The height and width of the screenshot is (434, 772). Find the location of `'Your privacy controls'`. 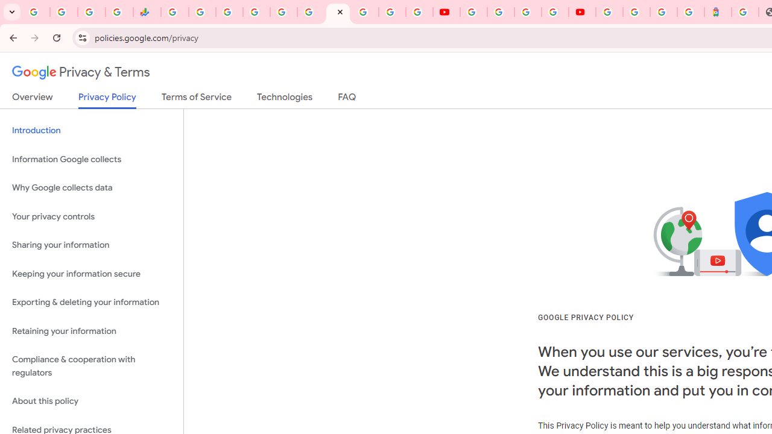

'Your privacy controls' is located at coordinates (91, 216).